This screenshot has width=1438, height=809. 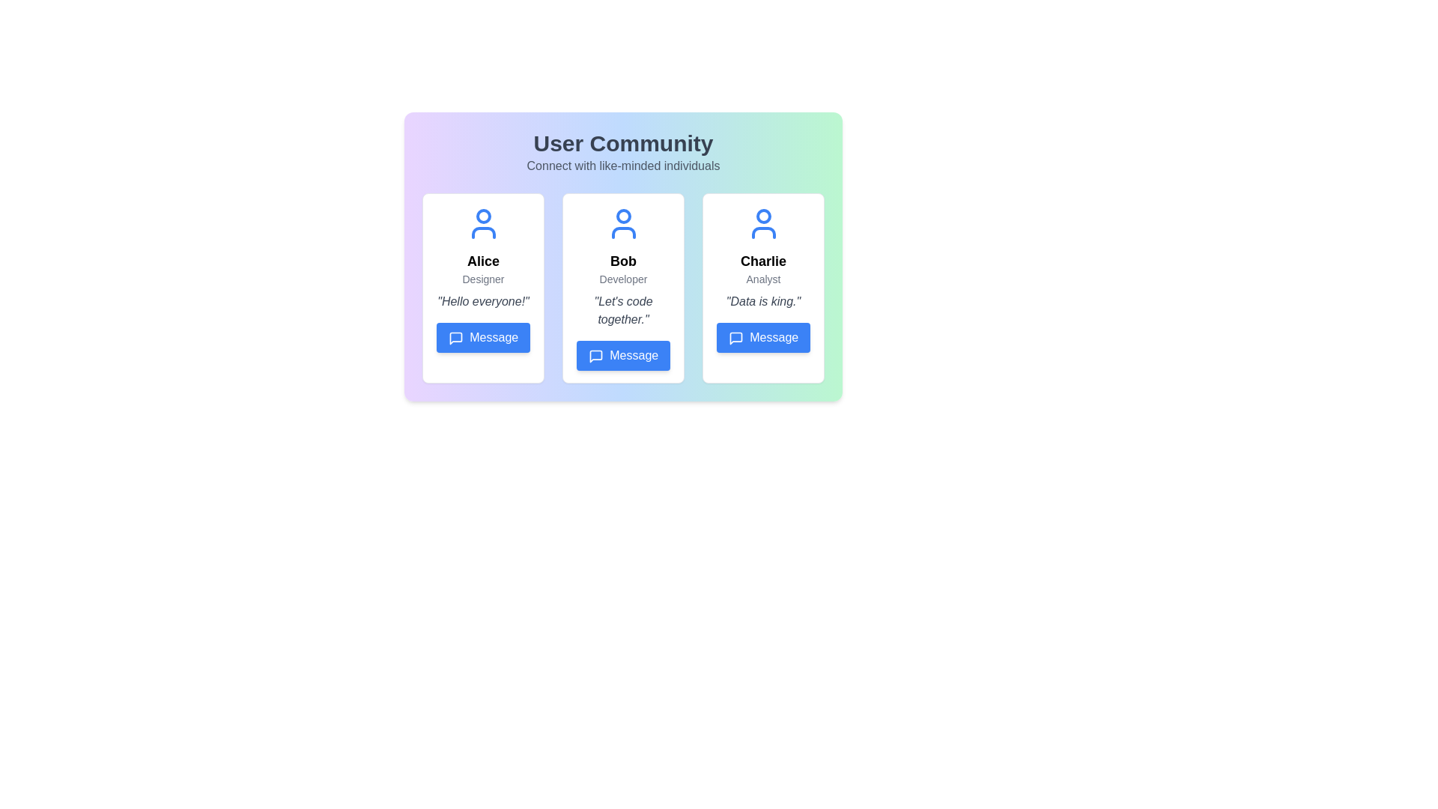 What do you see at coordinates (483, 301) in the screenshot?
I see `the italicized light-gray text block displaying 'Hello everyone!' within Alice's profile card, located beneath the subtitle 'Designer' and above the 'Message' button` at bounding box center [483, 301].